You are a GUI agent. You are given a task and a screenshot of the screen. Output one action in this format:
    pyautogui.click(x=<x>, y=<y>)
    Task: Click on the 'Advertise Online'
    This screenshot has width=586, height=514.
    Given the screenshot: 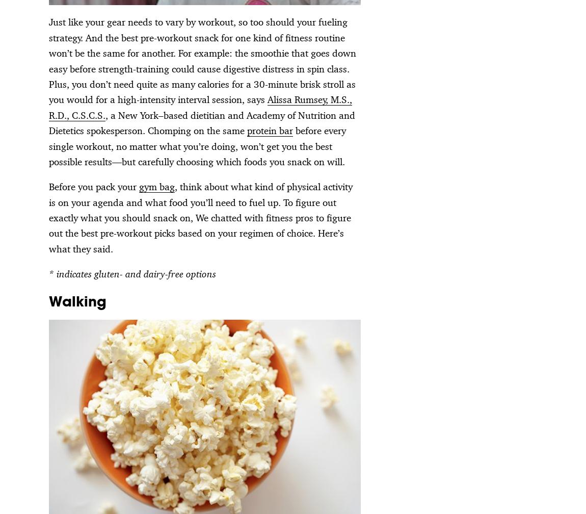 What is the action you would take?
    pyautogui.click(x=455, y=428)
    